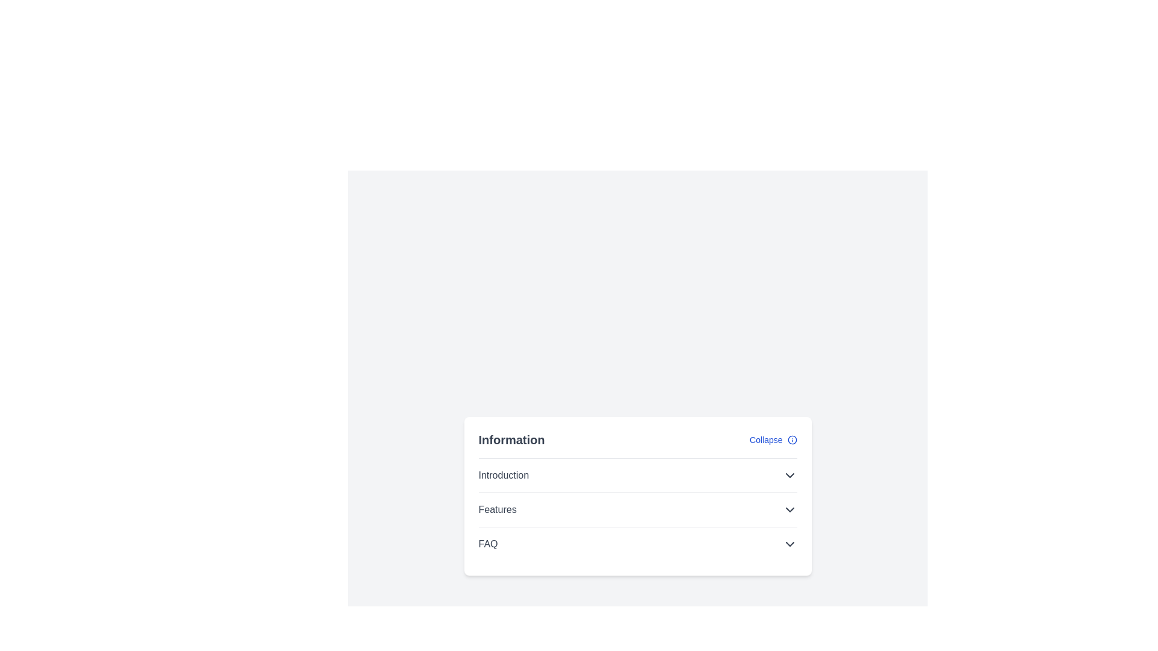  I want to click on the 'FAQ' text label located in the lower part of the menu section, positioned to the right of the 'Features' label, so click(488, 544).